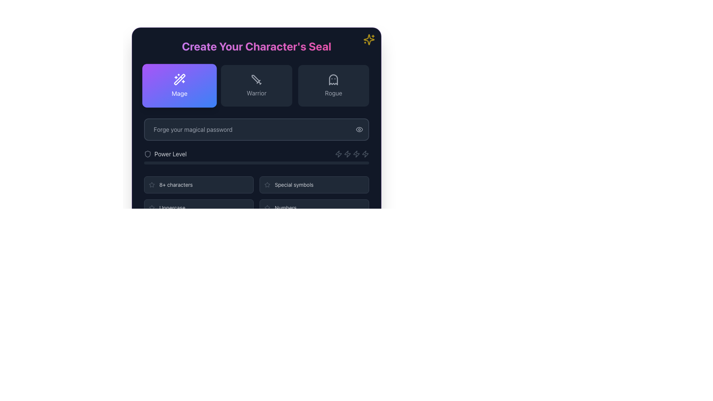 The width and height of the screenshot is (713, 401). Describe the element at coordinates (257, 92) in the screenshot. I see `label that corresponds to the 'Warrior' option displayed in the middle section beneath the sword icon, which is aligned horizontally with 'Mage' and 'Rogue.'` at that location.